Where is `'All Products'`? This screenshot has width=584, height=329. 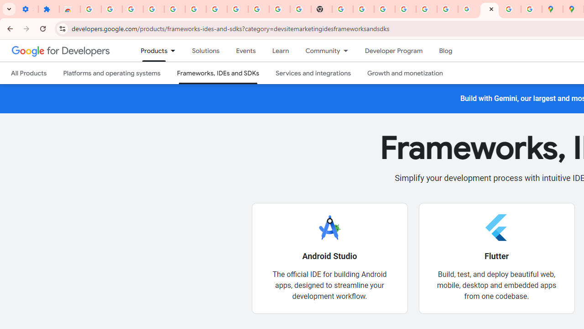
'All Products' is located at coordinates (29, 73).